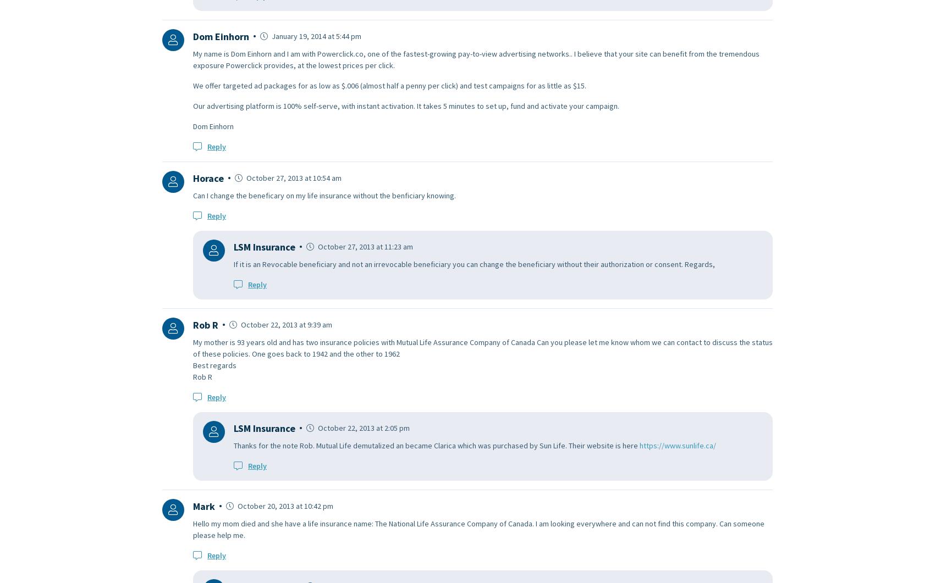  Describe the element at coordinates (214, 364) in the screenshot. I see `'Best regards'` at that location.